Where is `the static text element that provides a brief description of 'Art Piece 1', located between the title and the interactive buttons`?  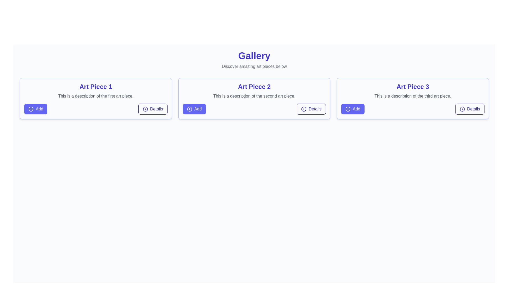
the static text element that provides a brief description of 'Art Piece 1', located between the title and the interactive buttons is located at coordinates (96, 96).